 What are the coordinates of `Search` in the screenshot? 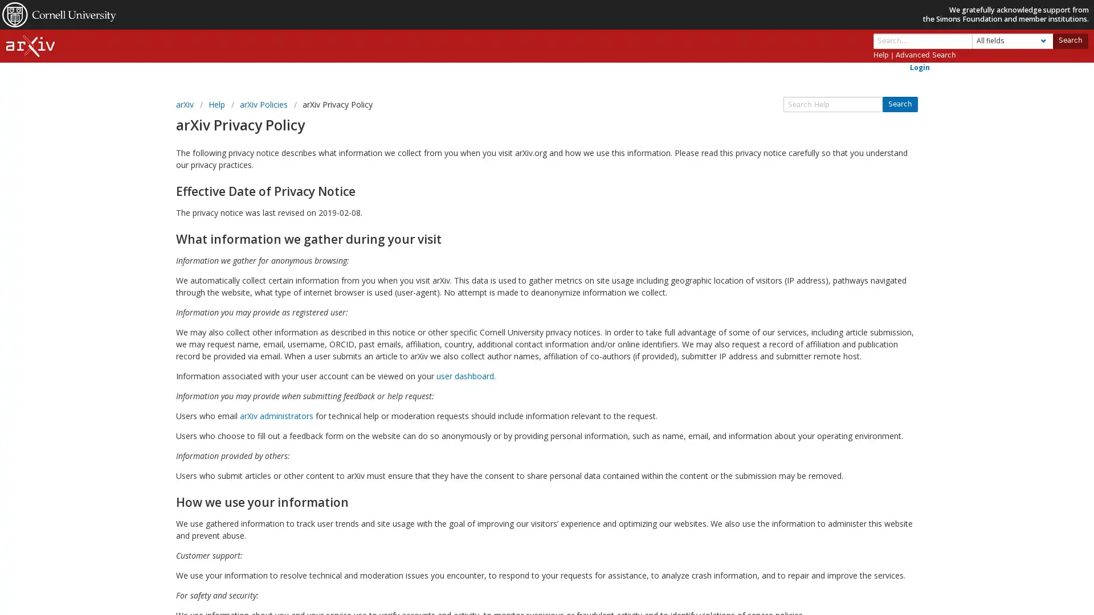 It's located at (1069, 40).